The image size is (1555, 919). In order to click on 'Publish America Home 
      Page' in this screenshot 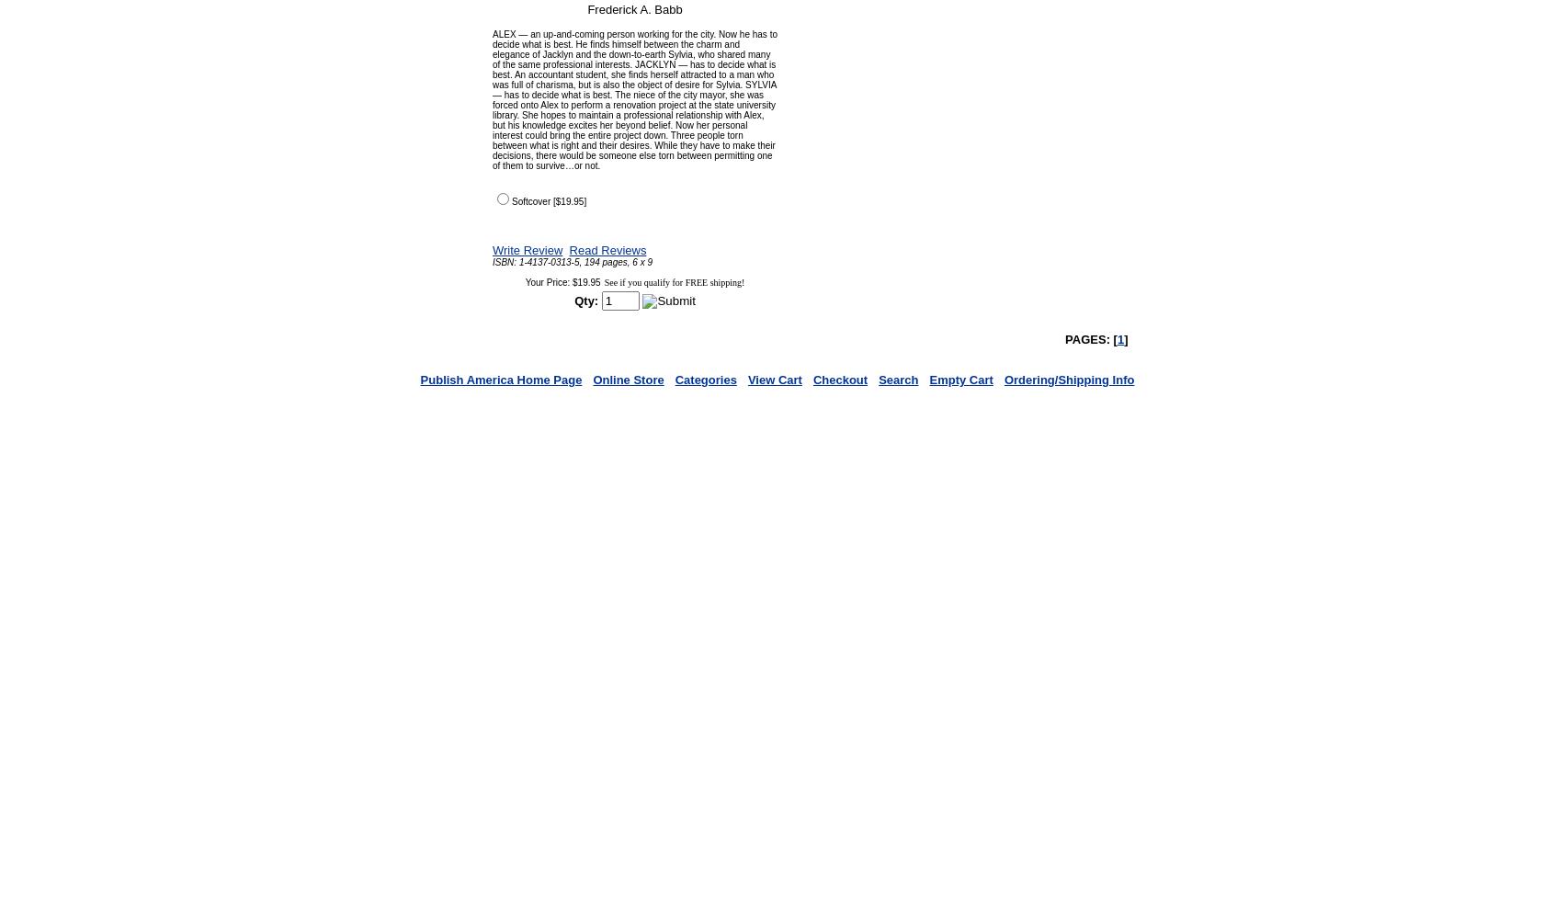, I will do `click(419, 380)`.